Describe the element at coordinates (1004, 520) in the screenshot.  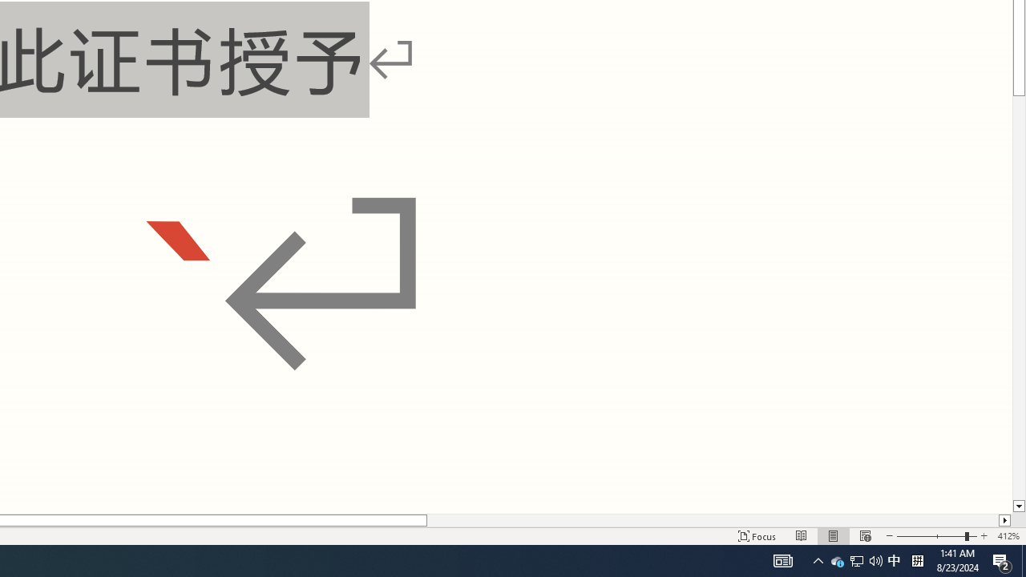
I see `'Column right'` at that location.